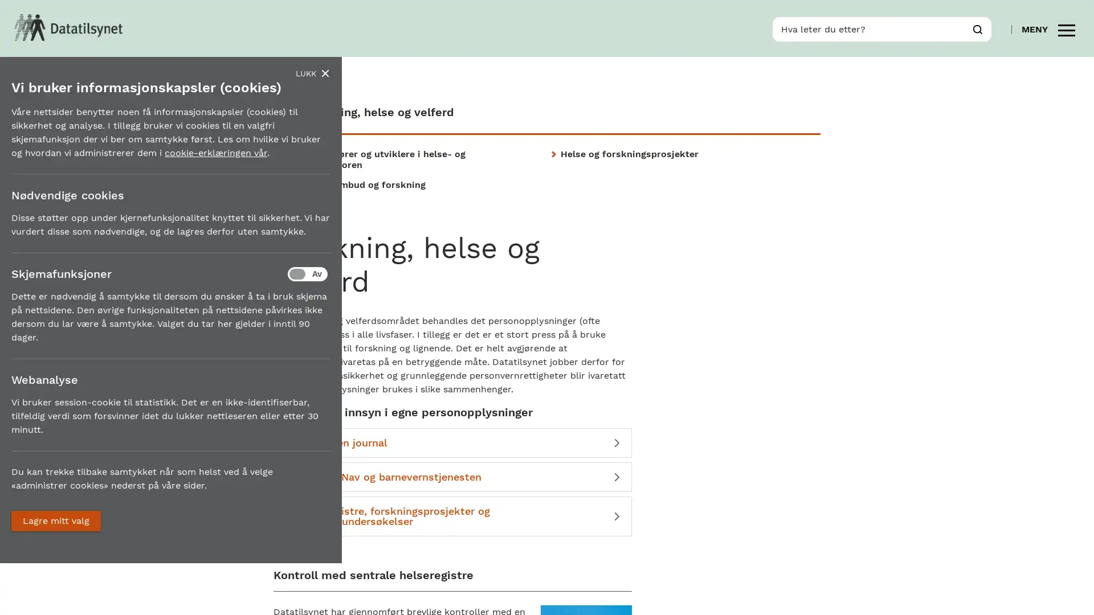  What do you see at coordinates (312, 73) in the screenshot?
I see `LUKK` at bounding box center [312, 73].